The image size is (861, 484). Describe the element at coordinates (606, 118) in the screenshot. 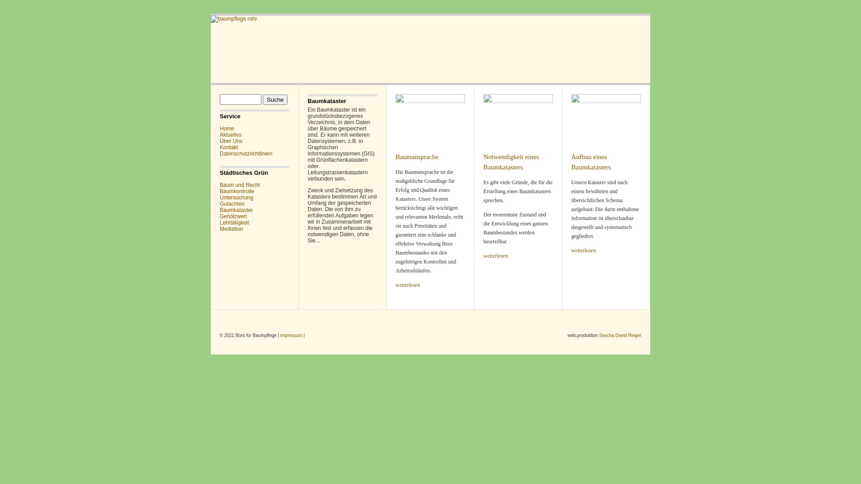

I see `'Aufbau eines Baumkatasters'` at that location.